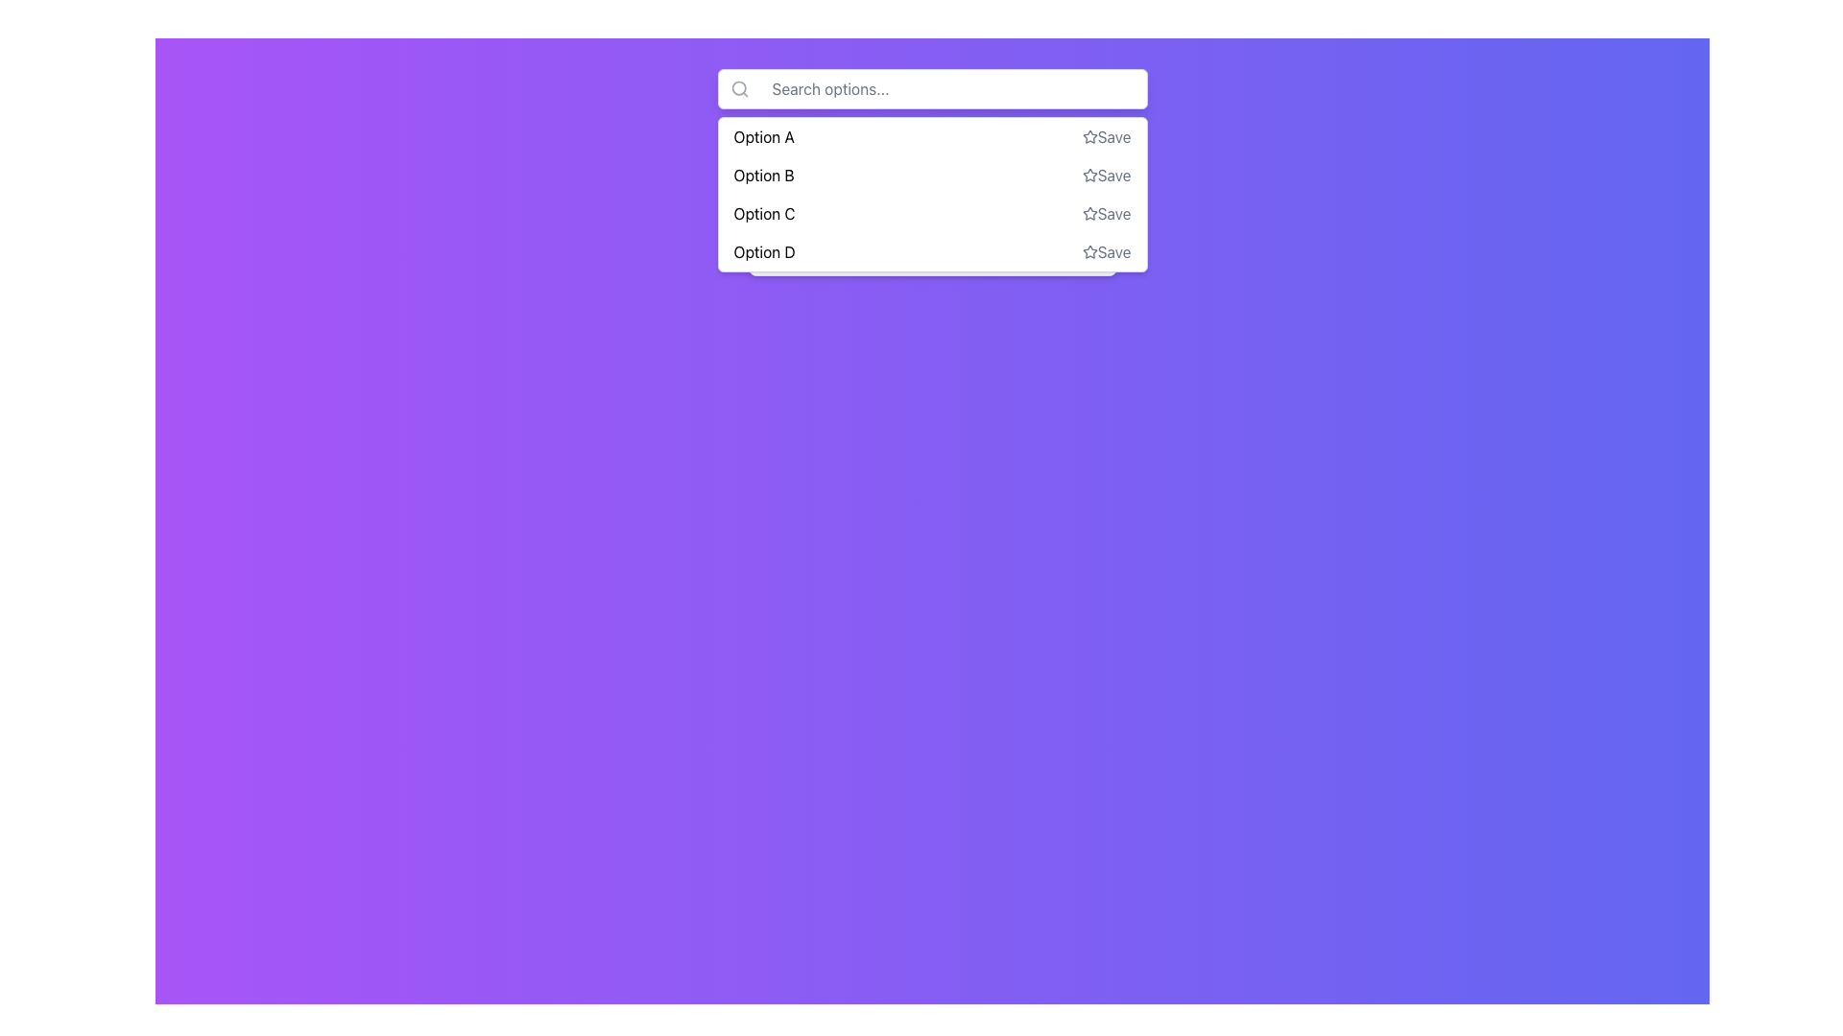  What do you see at coordinates (1089, 175) in the screenshot?
I see `the star icon` at bounding box center [1089, 175].